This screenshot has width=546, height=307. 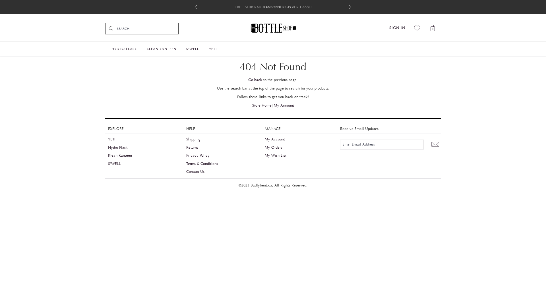 I want to click on 'My Account', so click(x=284, y=105).